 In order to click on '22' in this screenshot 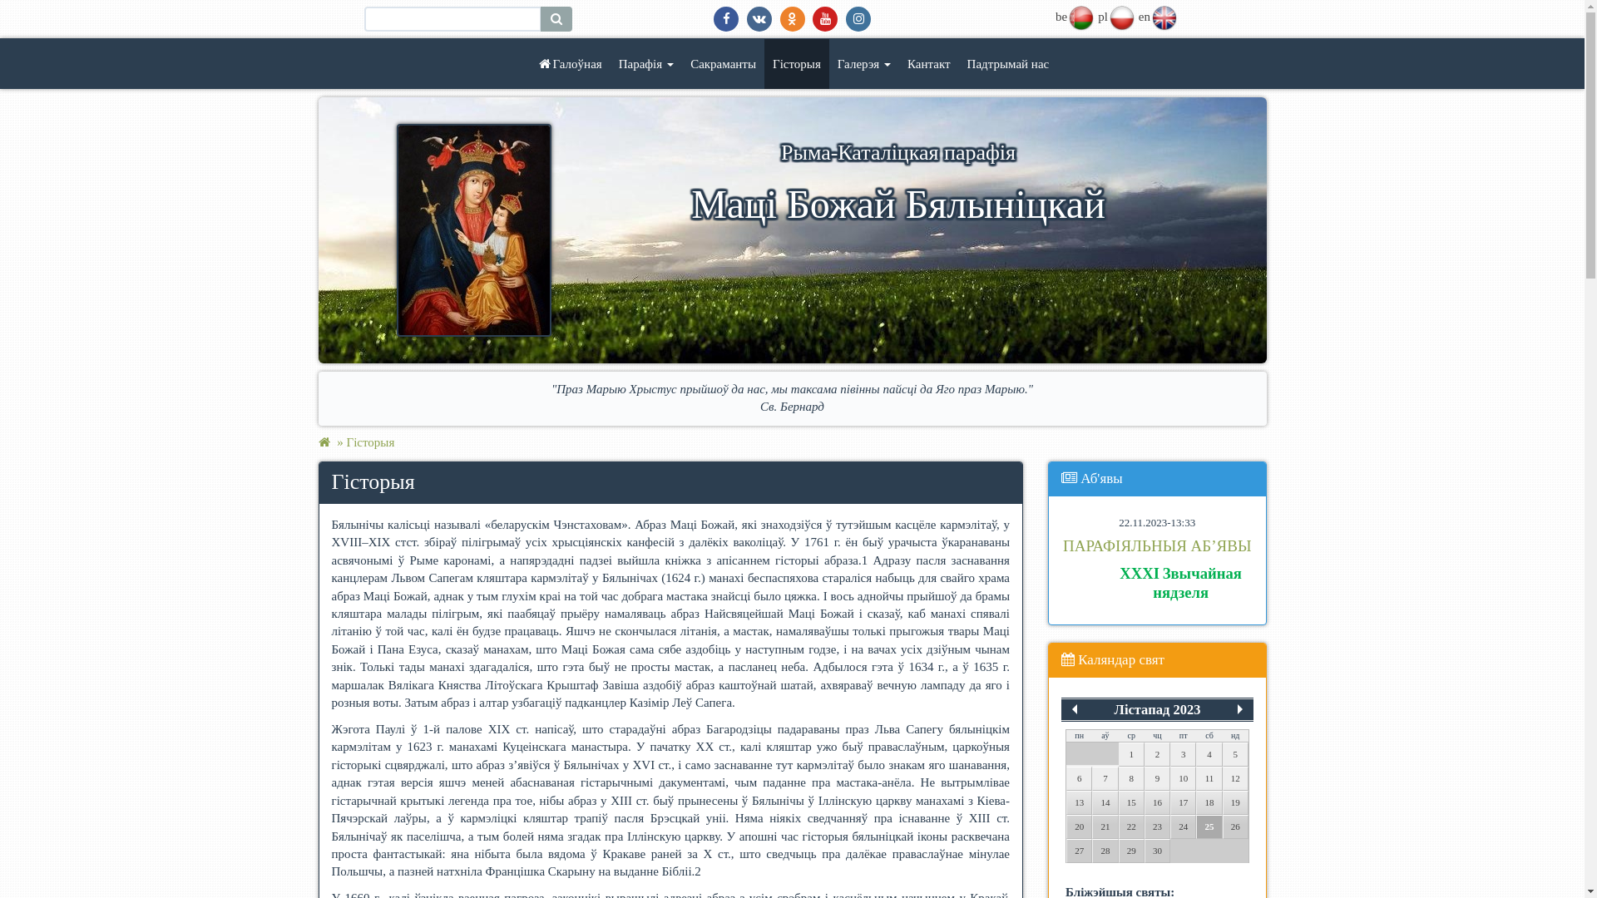, I will do `click(1131, 826)`.